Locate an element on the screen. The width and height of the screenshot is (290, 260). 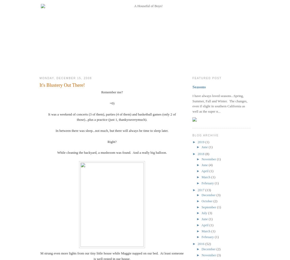
'2016' is located at coordinates (201, 244).